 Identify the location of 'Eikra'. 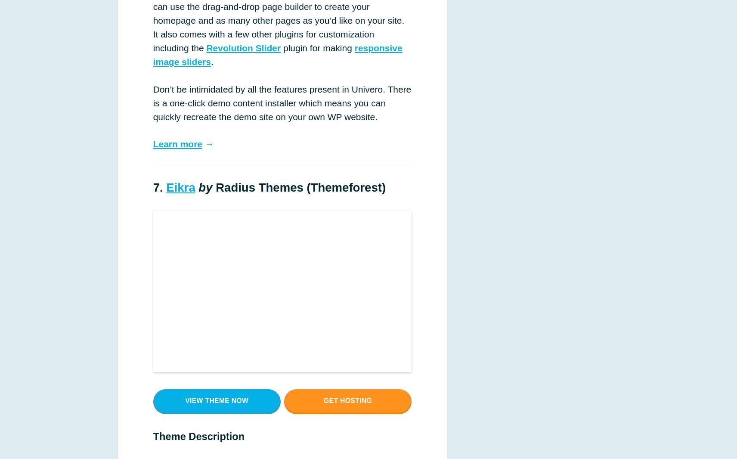
(166, 187).